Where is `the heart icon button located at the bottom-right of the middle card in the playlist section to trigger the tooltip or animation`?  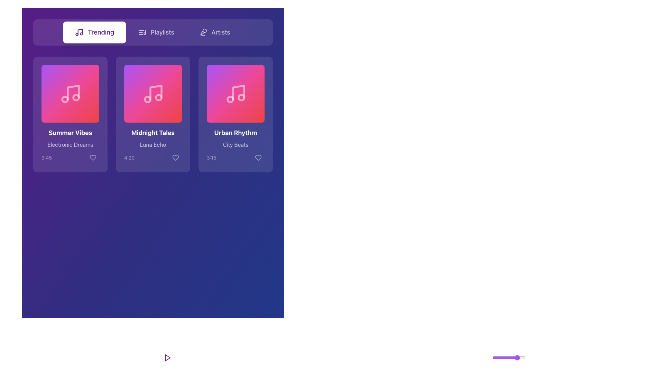 the heart icon button located at the bottom-right of the middle card in the playlist section to trigger the tooltip or animation is located at coordinates (176, 157).